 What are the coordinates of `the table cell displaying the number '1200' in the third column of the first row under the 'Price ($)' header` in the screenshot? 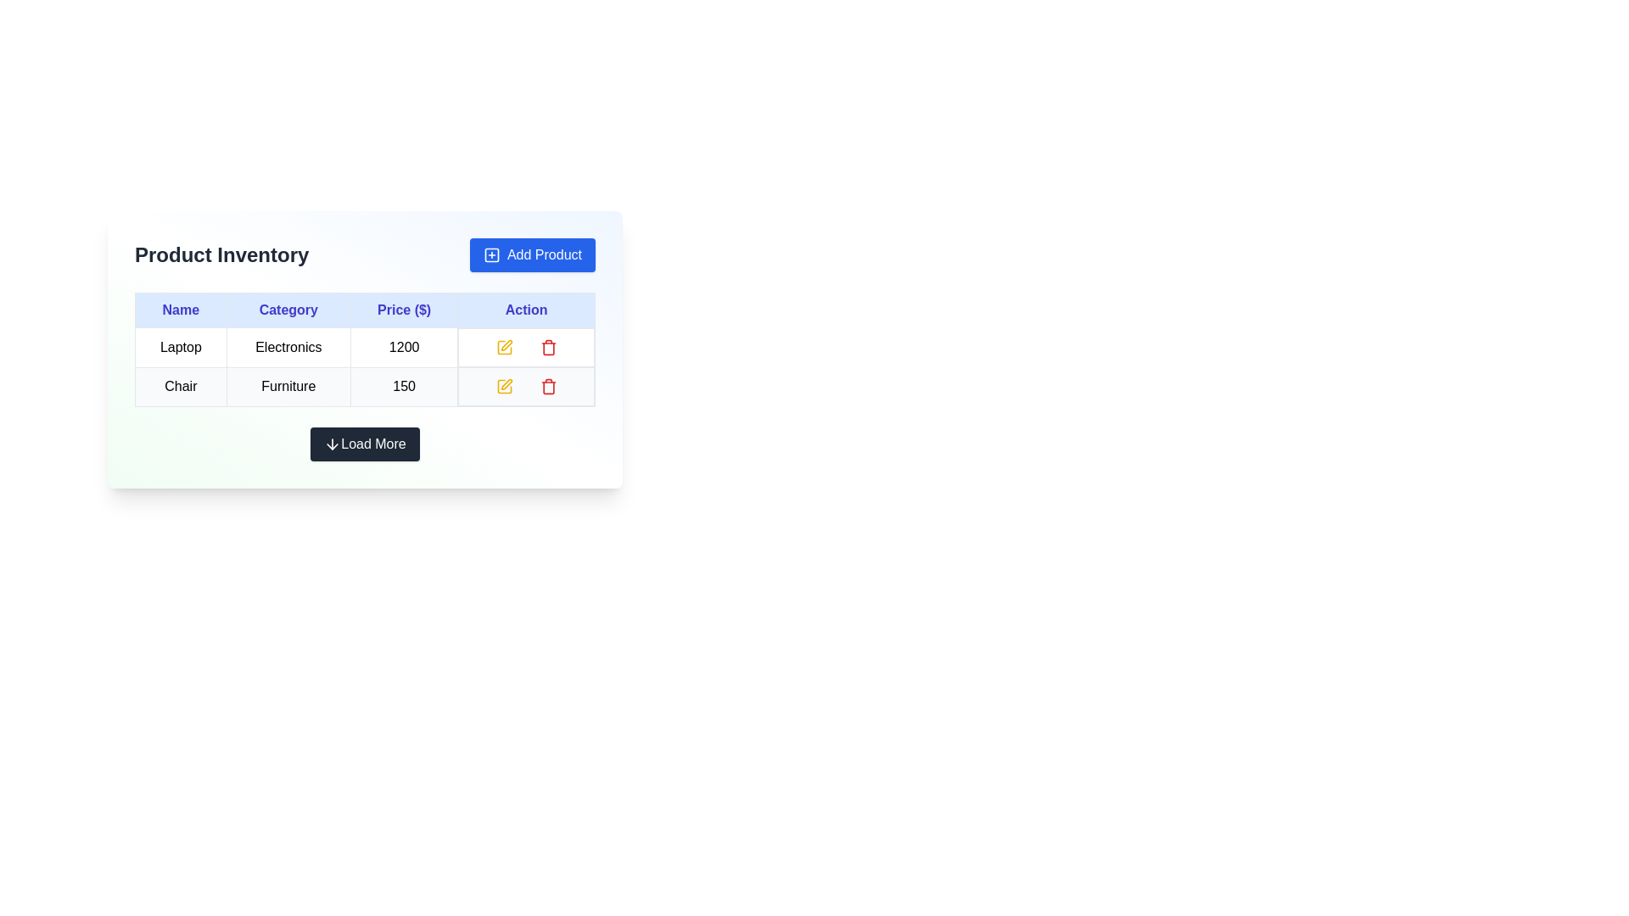 It's located at (403, 346).